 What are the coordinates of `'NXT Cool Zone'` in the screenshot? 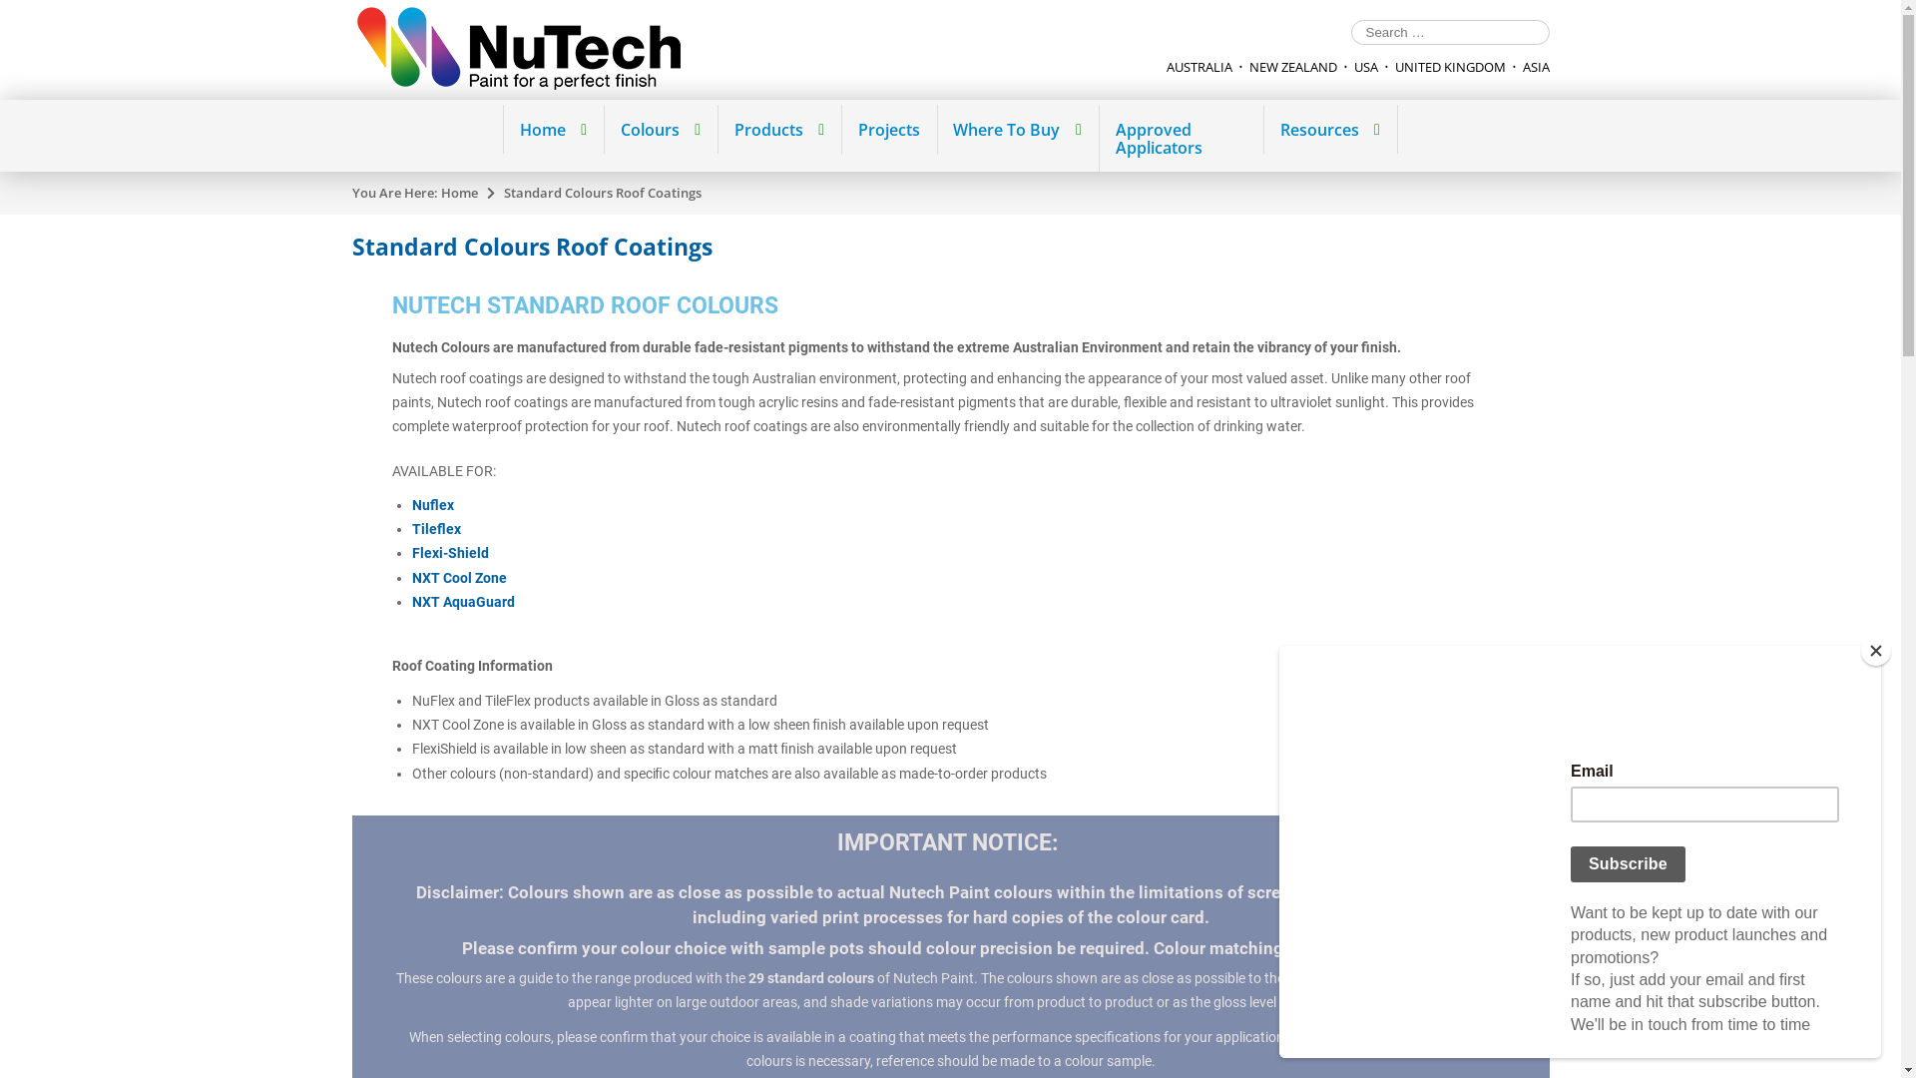 It's located at (457, 577).